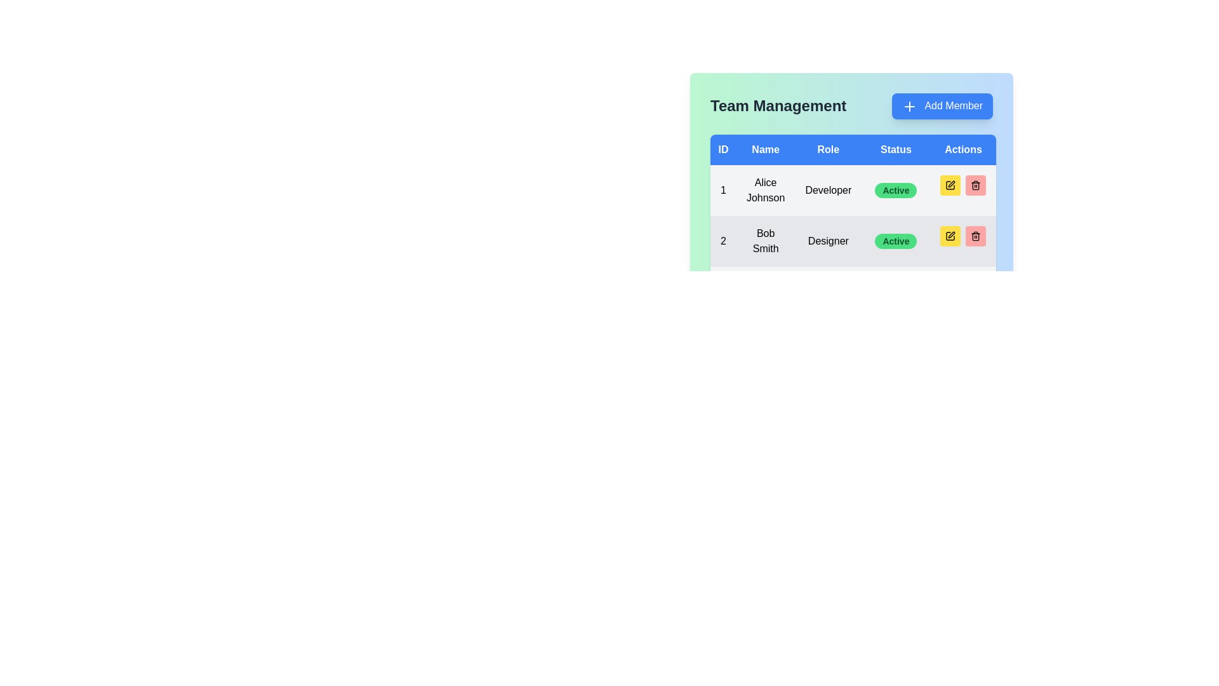 The width and height of the screenshot is (1219, 686). What do you see at coordinates (895, 241) in the screenshot?
I see `the 'Active' status label in the 'Status' column of the second row representing 'Bob Smith' in the 'Team Management' section` at bounding box center [895, 241].